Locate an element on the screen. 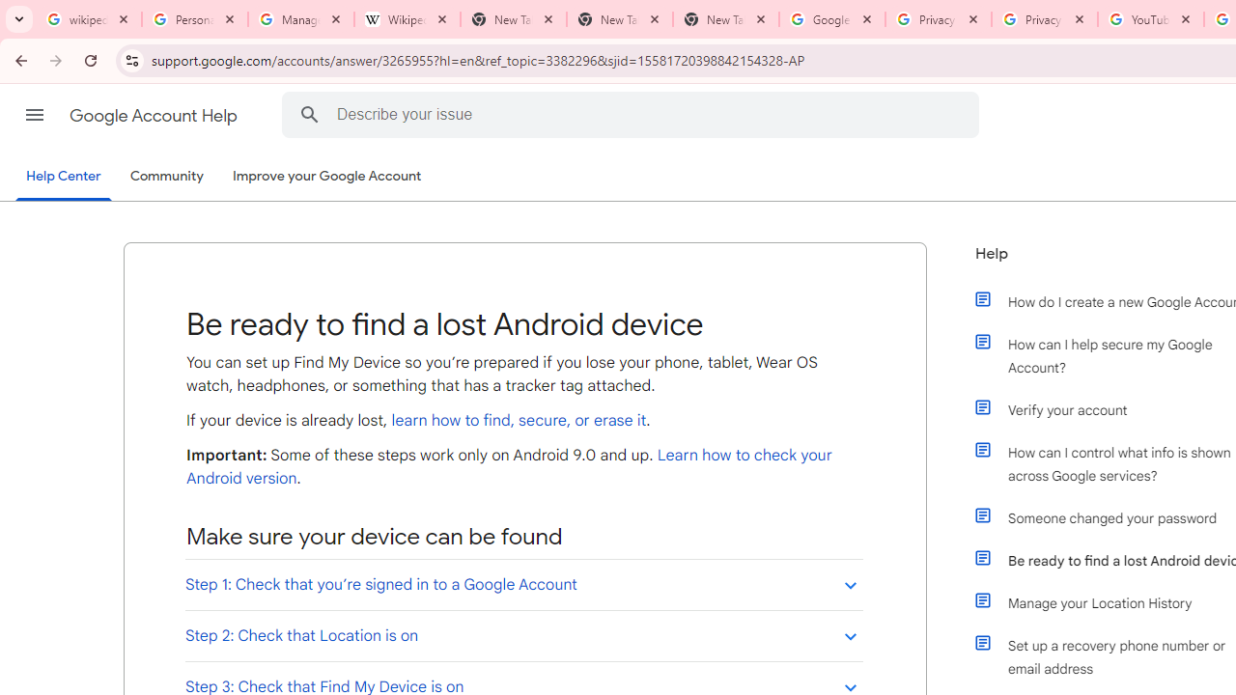 This screenshot has height=695, width=1236. 'Step 2: Check that Location is on' is located at coordinates (523, 635).